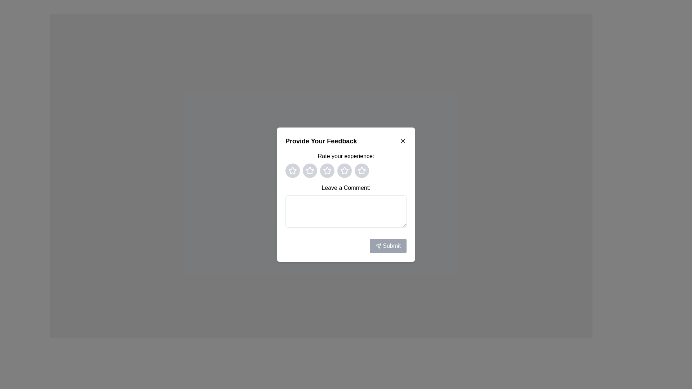 Image resolution: width=692 pixels, height=389 pixels. What do you see at coordinates (403, 140) in the screenshot?
I see `the close button located at the far right of the feedback modal, aligned with the 'Provide Your Feedback' text, to trigger a tooltip or style change` at bounding box center [403, 140].